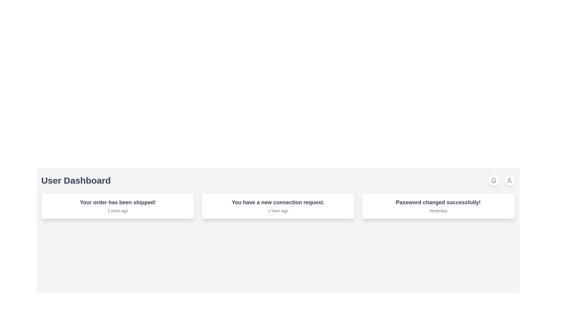  I want to click on shipping status notification text displayed in the card-like structure located on the left side of the three horizontally aligned cards, positioned above the timestamp '2 mins ago', so click(118, 202).